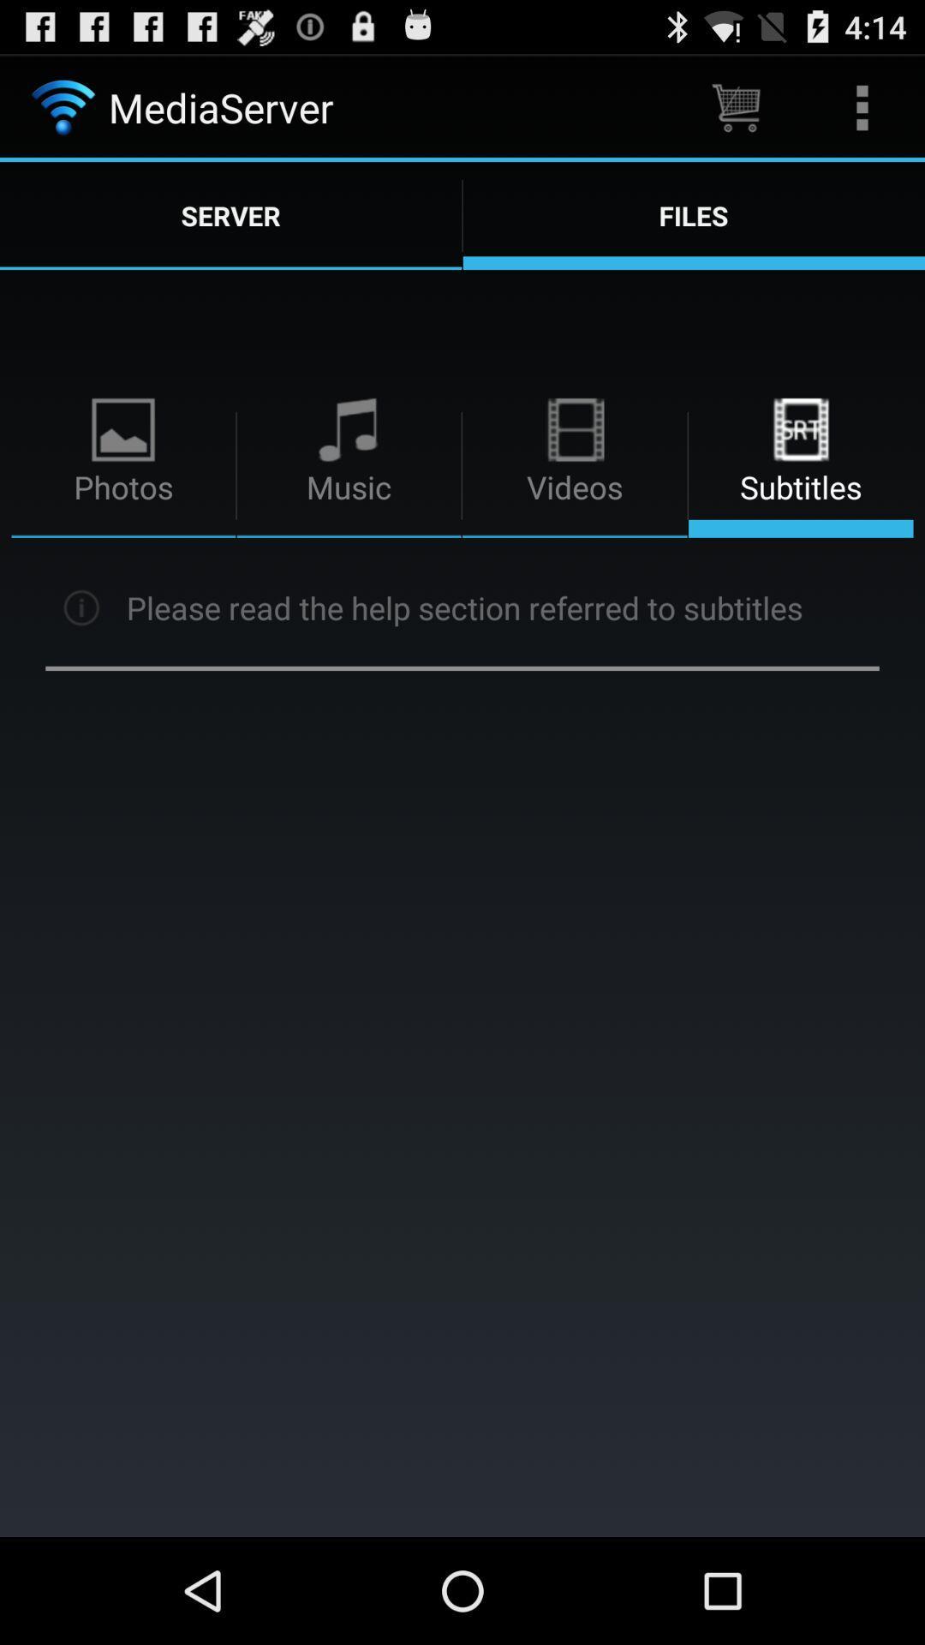  What do you see at coordinates (122, 465) in the screenshot?
I see `option photos on page` at bounding box center [122, 465].